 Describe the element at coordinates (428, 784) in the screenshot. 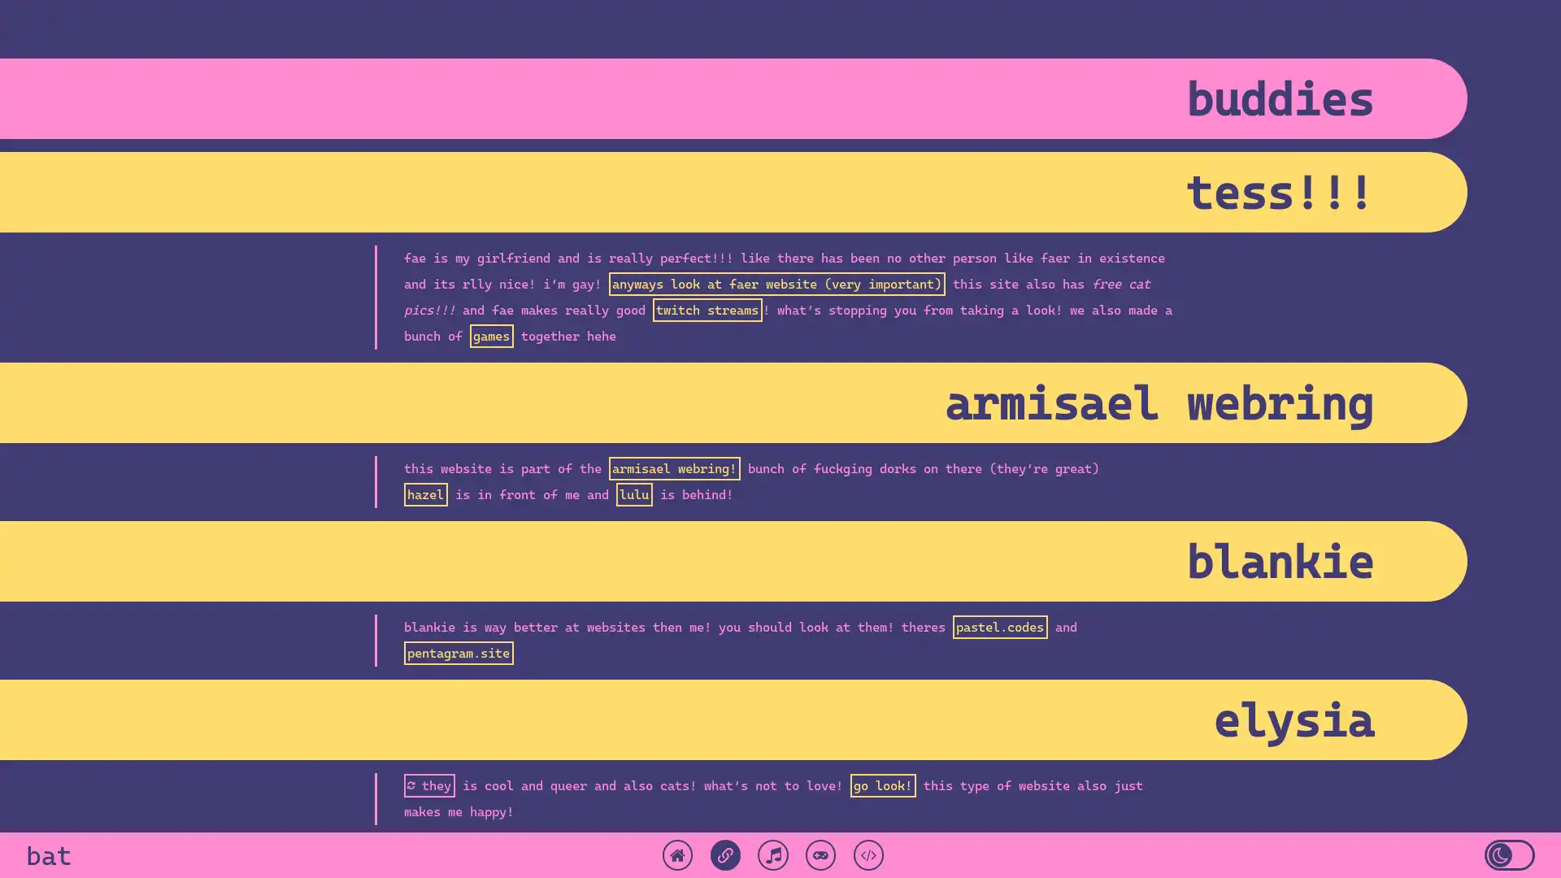

I see `they` at that location.